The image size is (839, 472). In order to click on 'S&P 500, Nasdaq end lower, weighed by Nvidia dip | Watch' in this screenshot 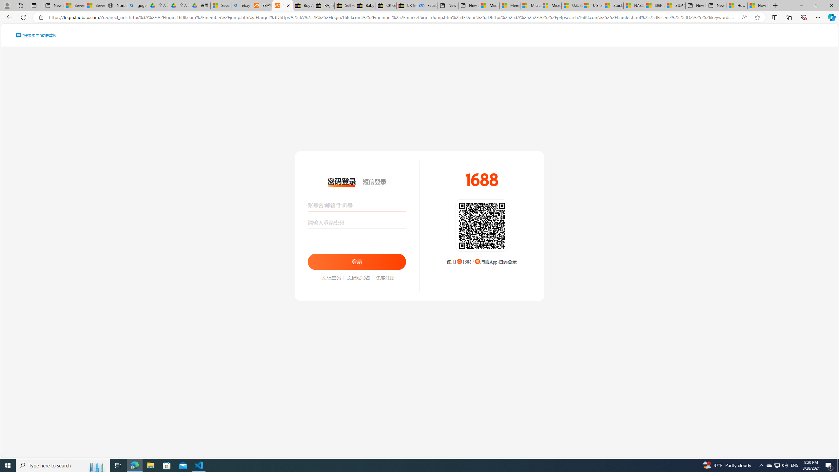, I will do `click(674, 5)`.